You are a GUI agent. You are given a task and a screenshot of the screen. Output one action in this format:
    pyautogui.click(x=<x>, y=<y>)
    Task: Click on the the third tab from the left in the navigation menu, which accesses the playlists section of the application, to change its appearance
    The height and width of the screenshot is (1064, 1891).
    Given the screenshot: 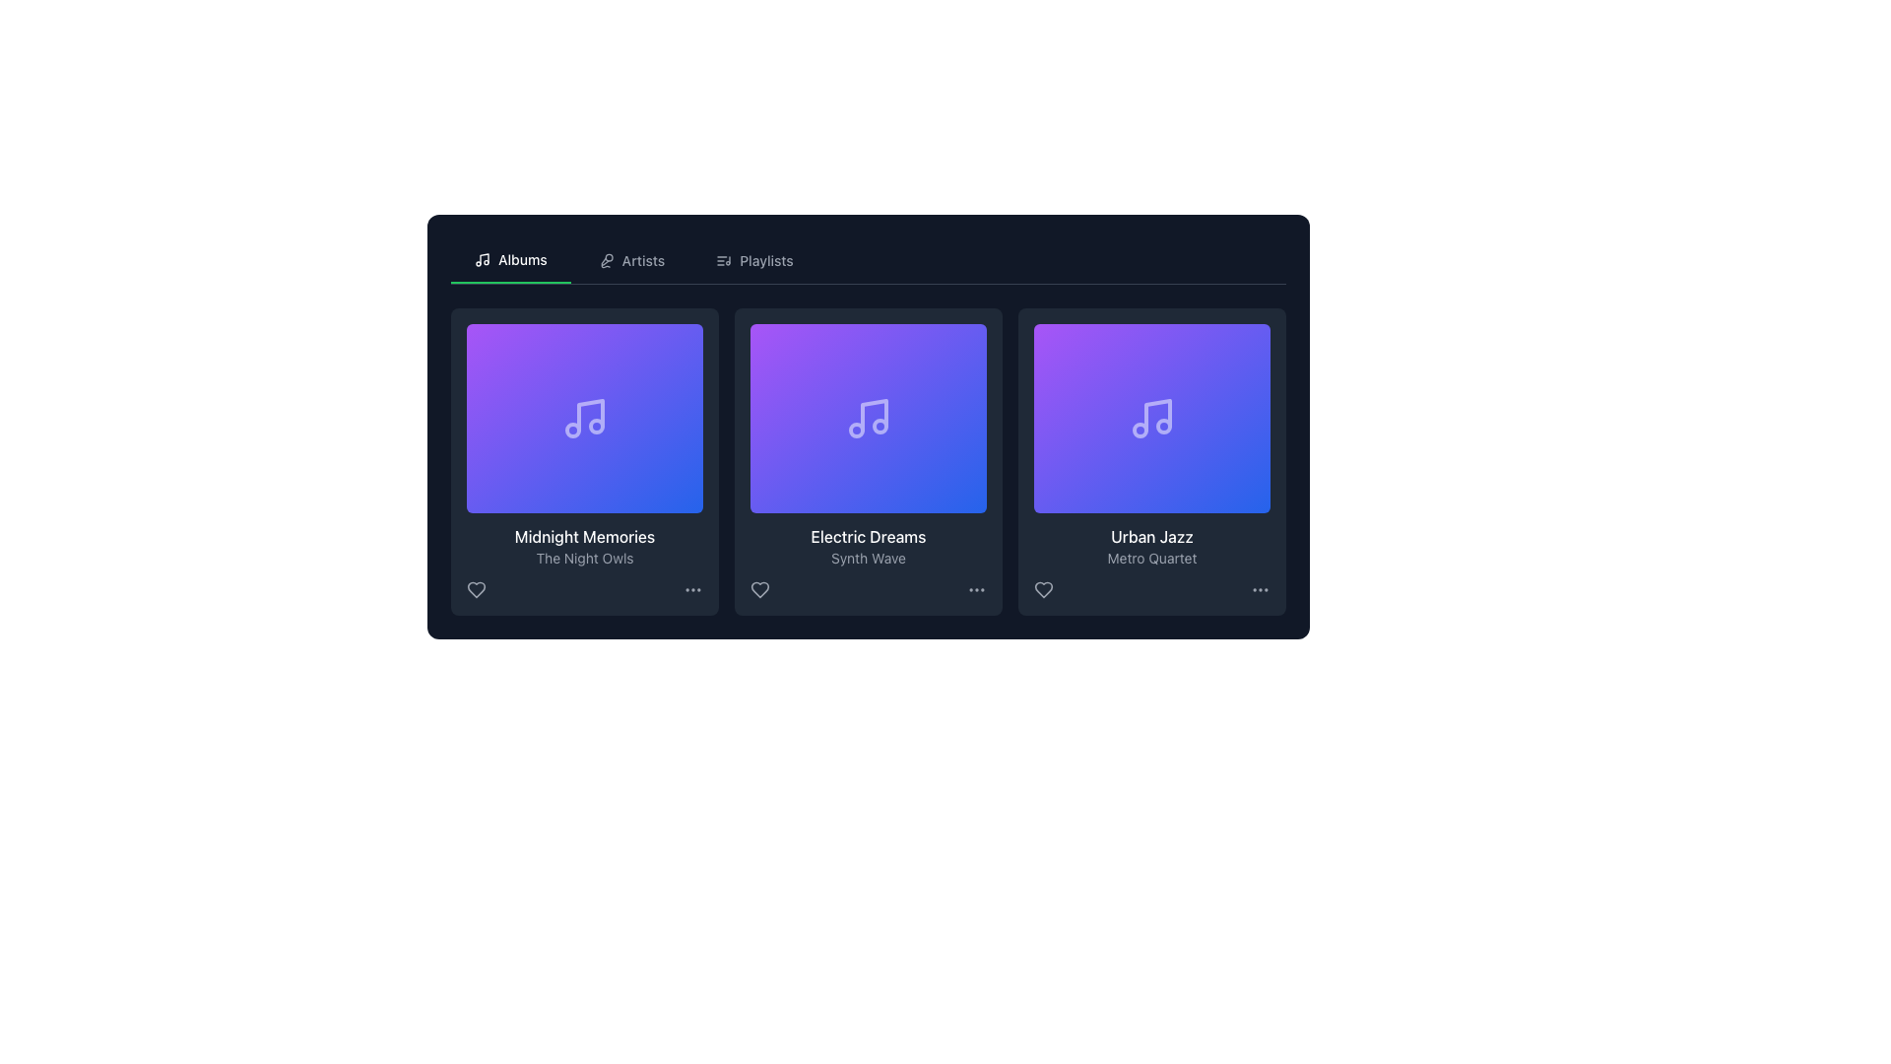 What is the action you would take?
    pyautogui.click(x=753, y=260)
    